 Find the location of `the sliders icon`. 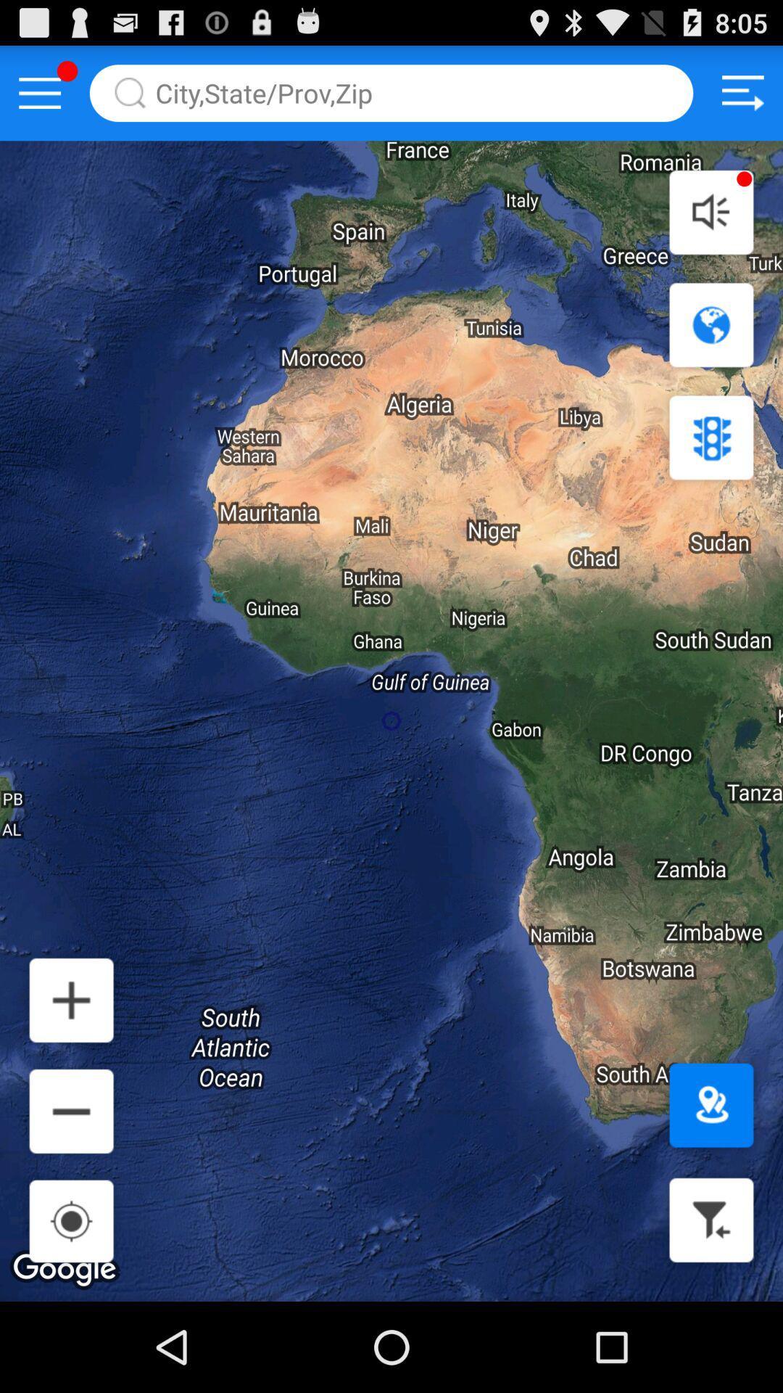

the sliders icon is located at coordinates (742, 99).